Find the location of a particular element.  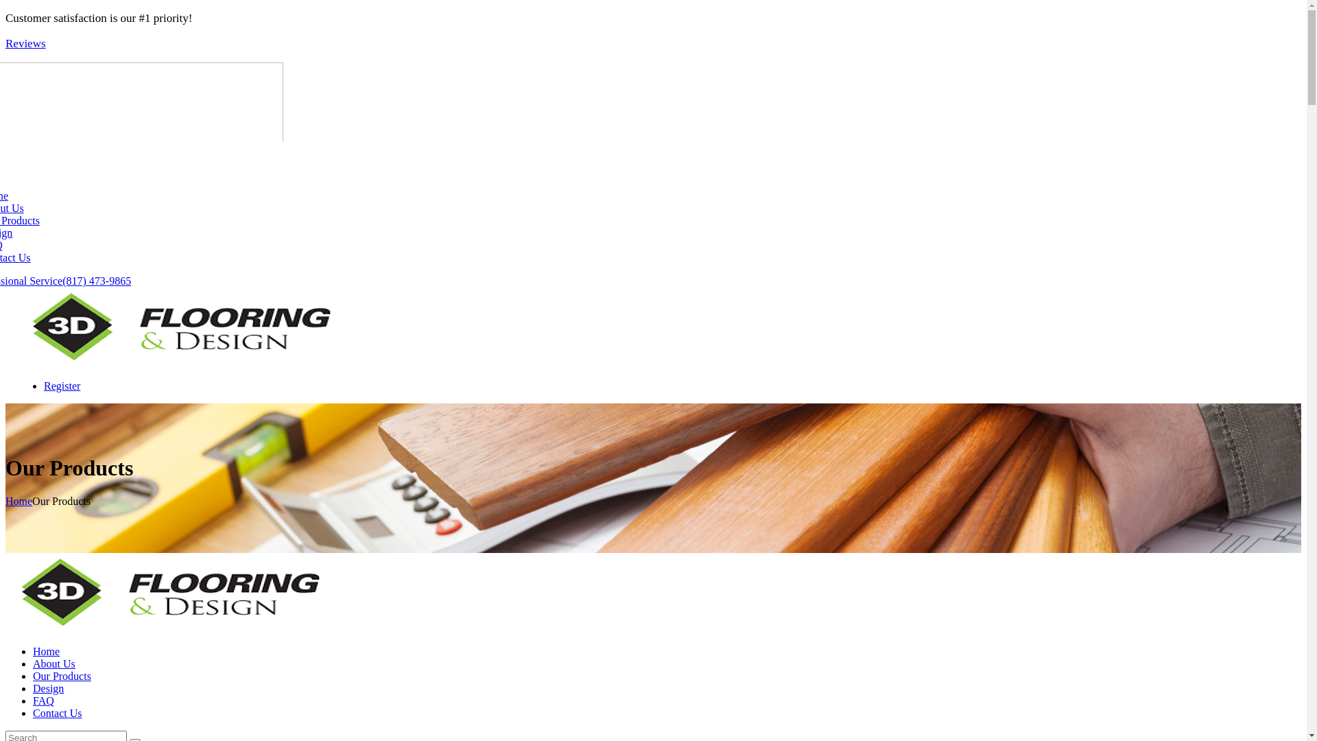

'Contact Us' is located at coordinates (56, 712).